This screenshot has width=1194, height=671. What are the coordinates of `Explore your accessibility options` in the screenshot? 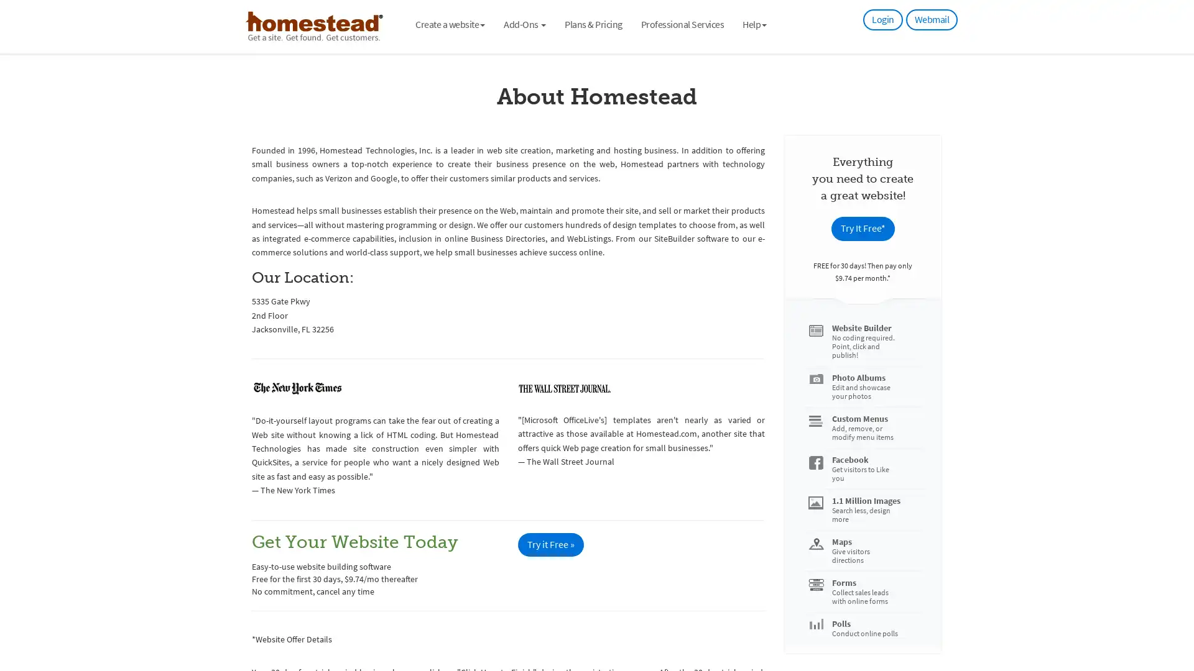 It's located at (1173, 608).